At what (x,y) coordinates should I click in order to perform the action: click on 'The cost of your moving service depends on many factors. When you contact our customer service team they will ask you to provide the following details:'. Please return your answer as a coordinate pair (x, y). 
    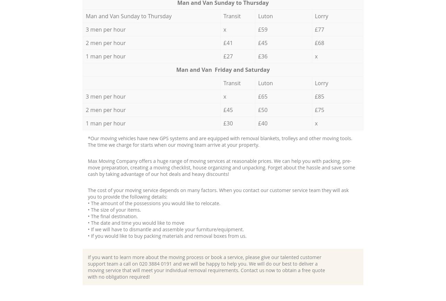
    Looking at the image, I should click on (218, 193).